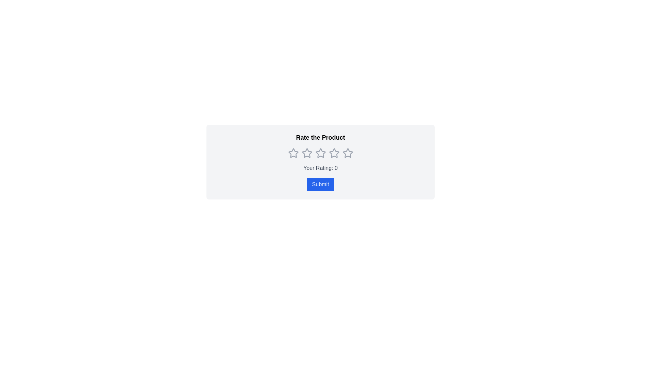 The height and width of the screenshot is (367, 653). I want to click on the heading text that displays 'Rate the Product', which is centrally aligned at the top of the rating submission panel, so click(320, 138).